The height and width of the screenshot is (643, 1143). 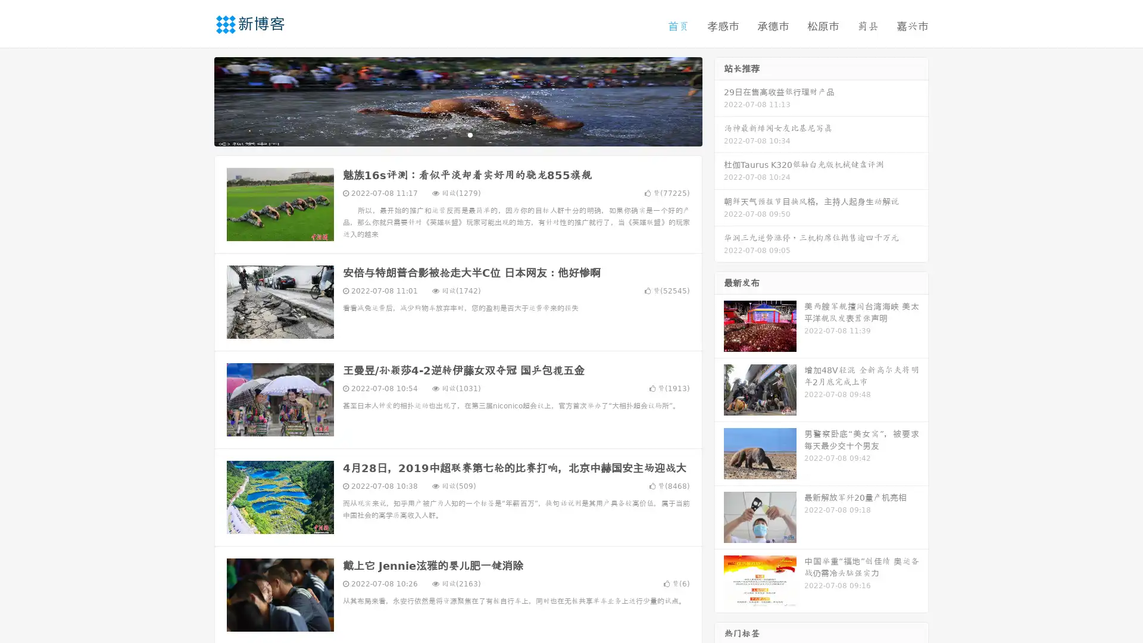 What do you see at coordinates (457, 134) in the screenshot?
I see `Go to slide 2` at bounding box center [457, 134].